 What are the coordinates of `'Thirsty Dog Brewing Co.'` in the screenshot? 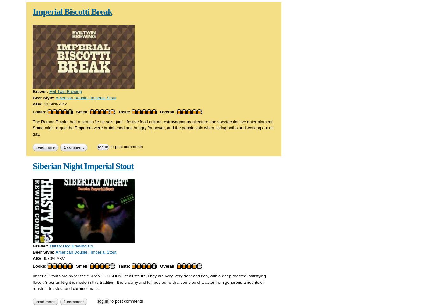 It's located at (71, 246).